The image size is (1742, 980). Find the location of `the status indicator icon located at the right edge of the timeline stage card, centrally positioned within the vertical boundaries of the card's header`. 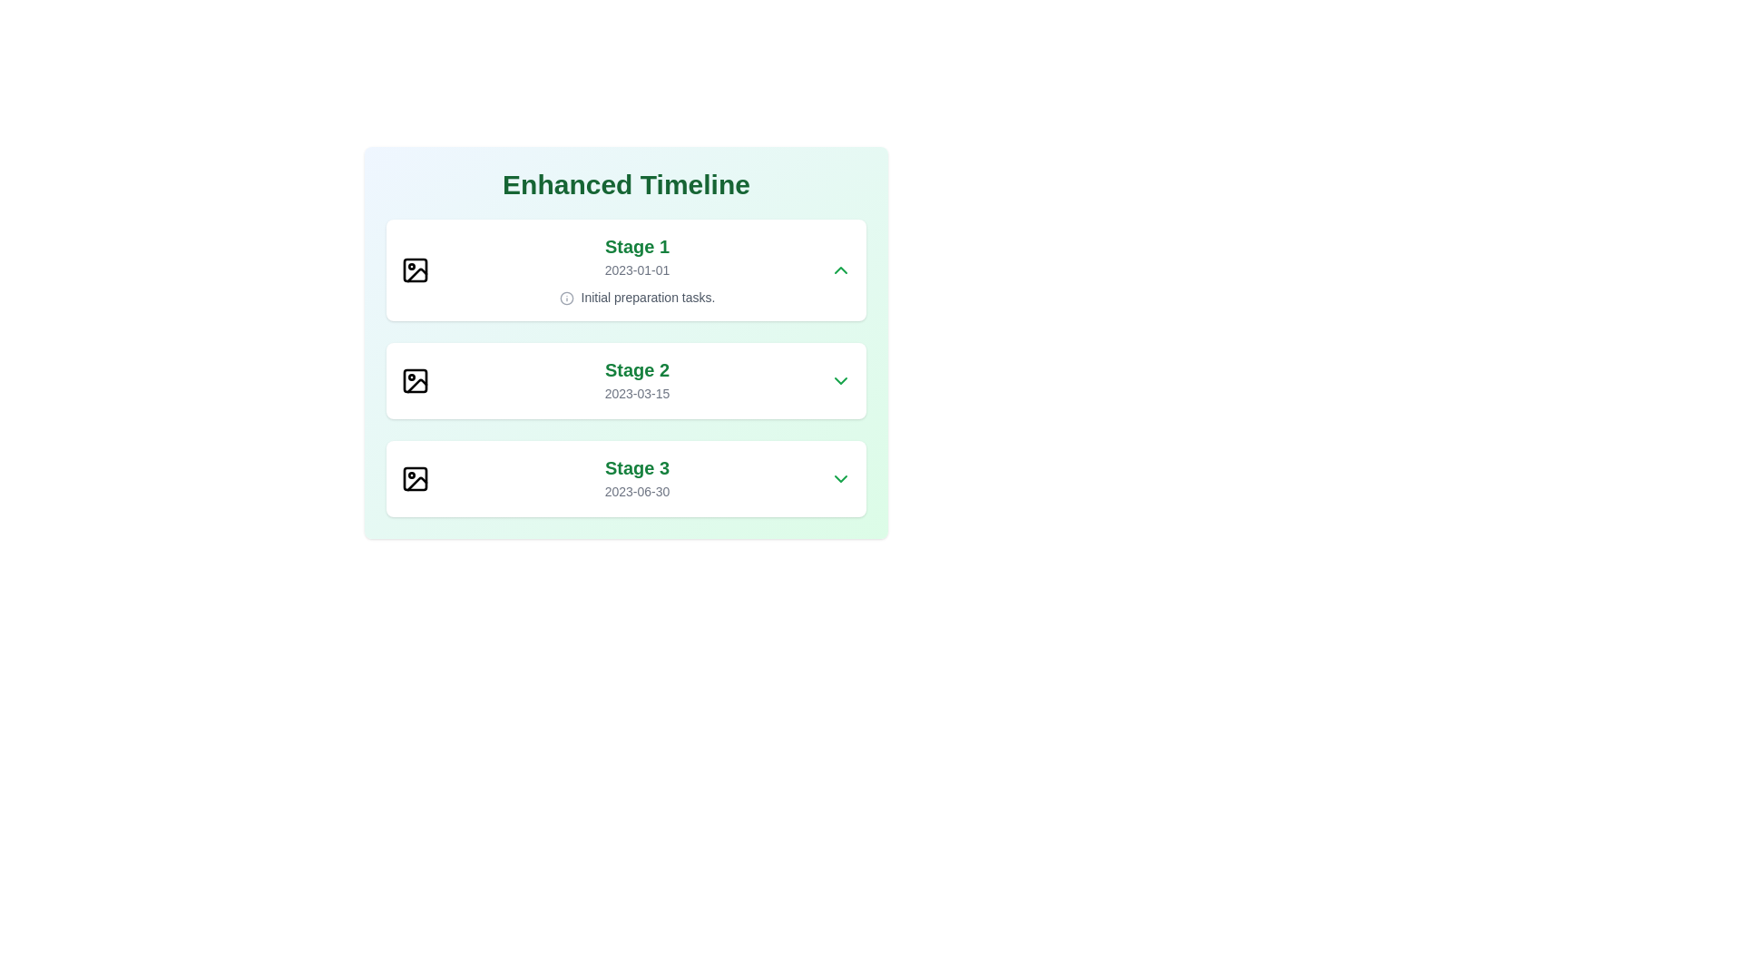

the status indicator icon located at the right edge of the timeline stage card, centrally positioned within the vertical boundaries of the card's header is located at coordinates (565, 298).